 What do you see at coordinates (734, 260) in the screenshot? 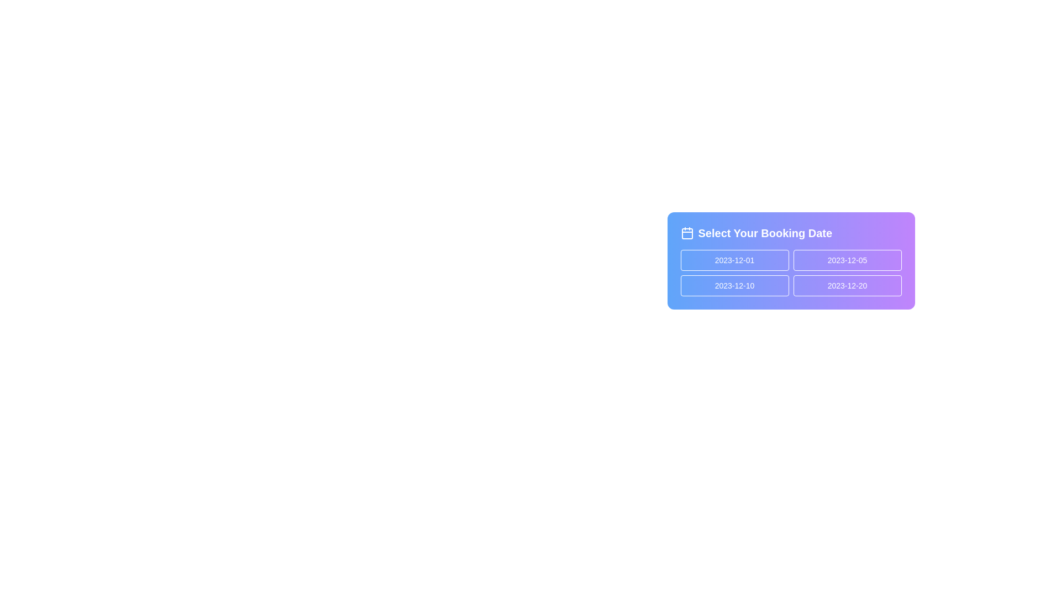
I see `the button labeled '2023-12-01' in the grid layout` at bounding box center [734, 260].